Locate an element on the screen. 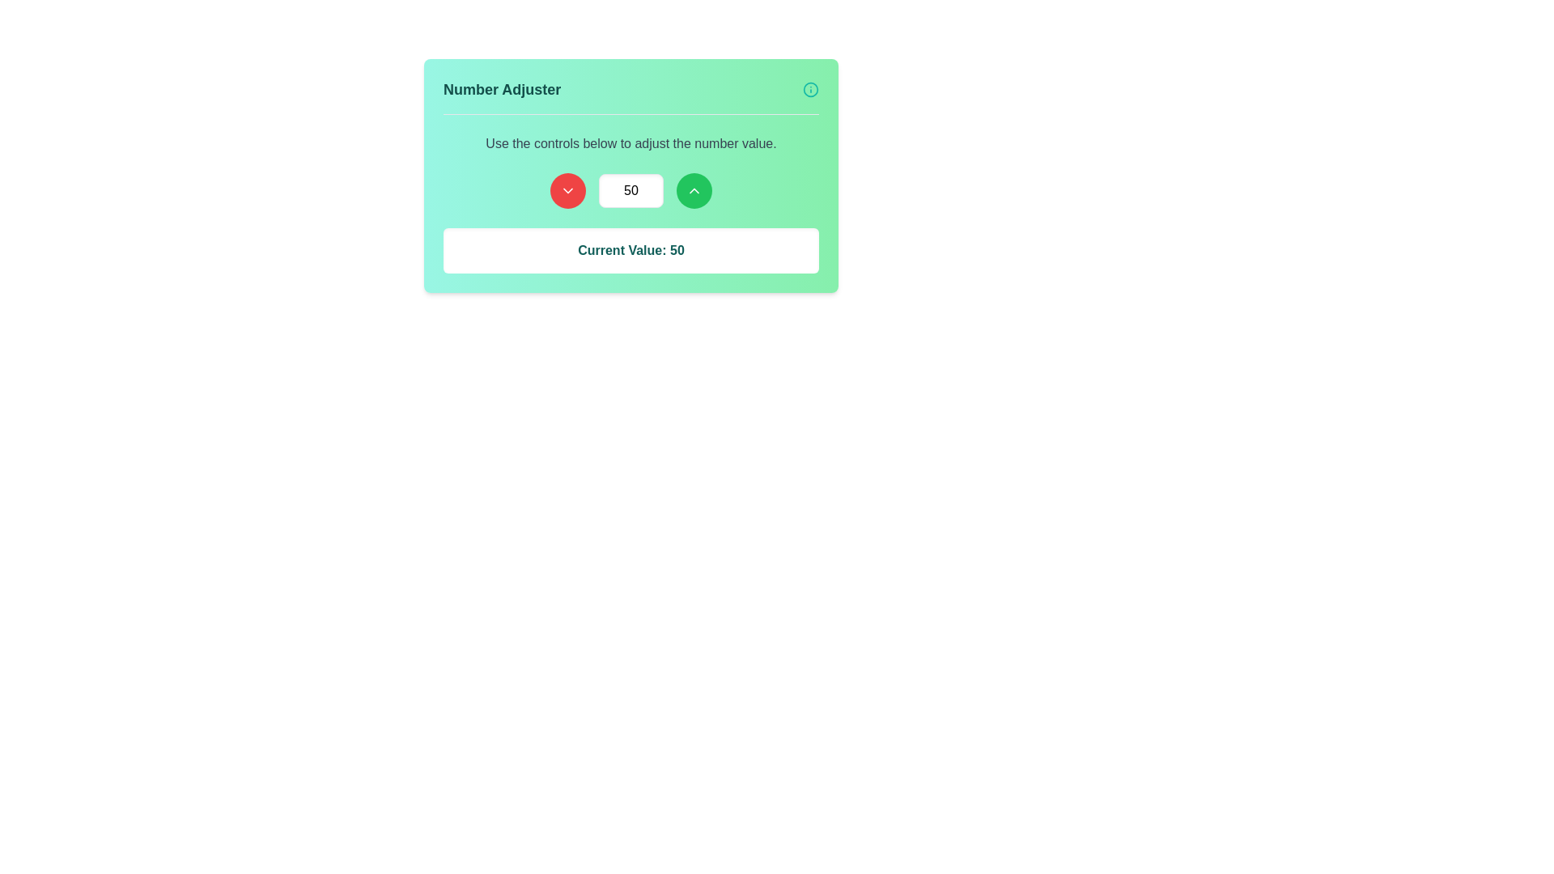 The image size is (1554, 874). the decrement icon located within the red circular button to the left of the numeric input field is located at coordinates (567, 189).